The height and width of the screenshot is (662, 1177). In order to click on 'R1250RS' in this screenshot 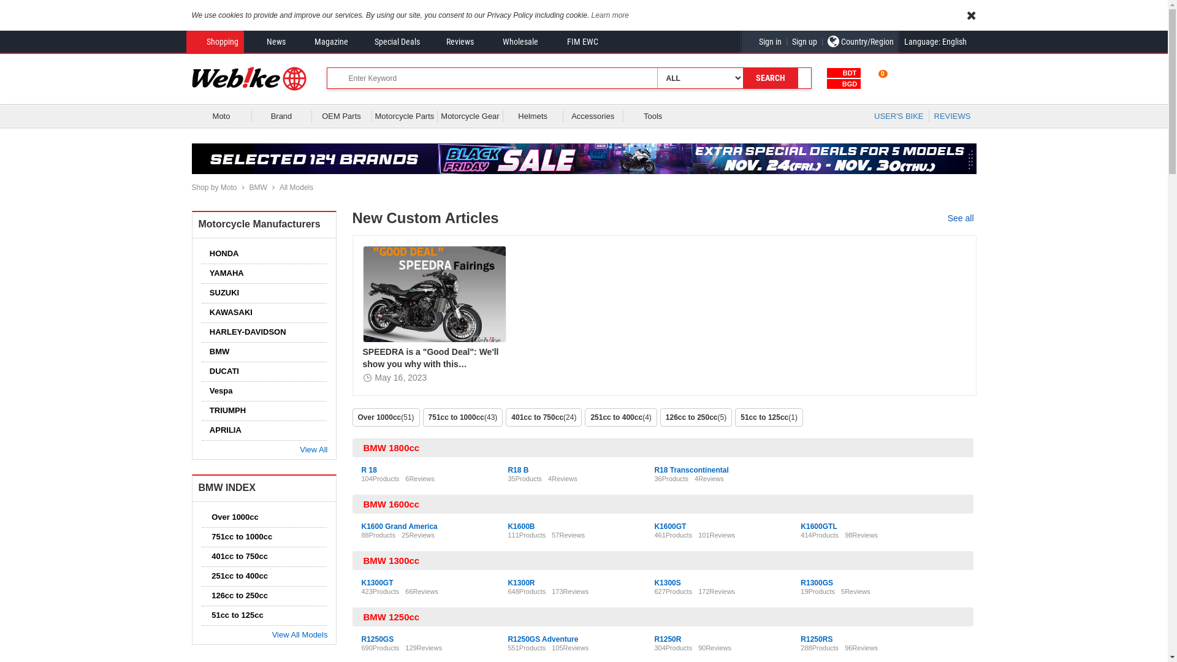, I will do `click(800, 638)`.